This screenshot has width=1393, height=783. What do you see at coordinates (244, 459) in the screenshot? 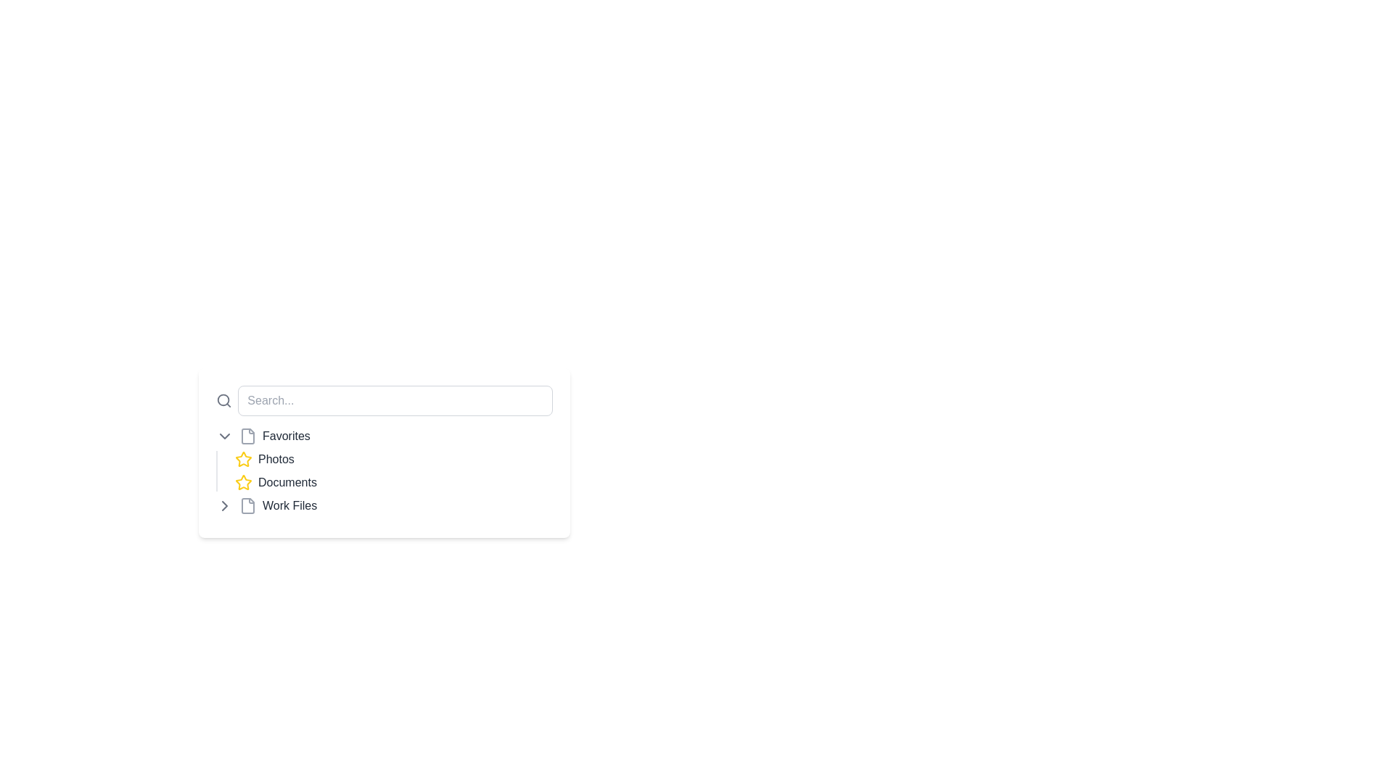
I see `the yellow star icon located` at bounding box center [244, 459].